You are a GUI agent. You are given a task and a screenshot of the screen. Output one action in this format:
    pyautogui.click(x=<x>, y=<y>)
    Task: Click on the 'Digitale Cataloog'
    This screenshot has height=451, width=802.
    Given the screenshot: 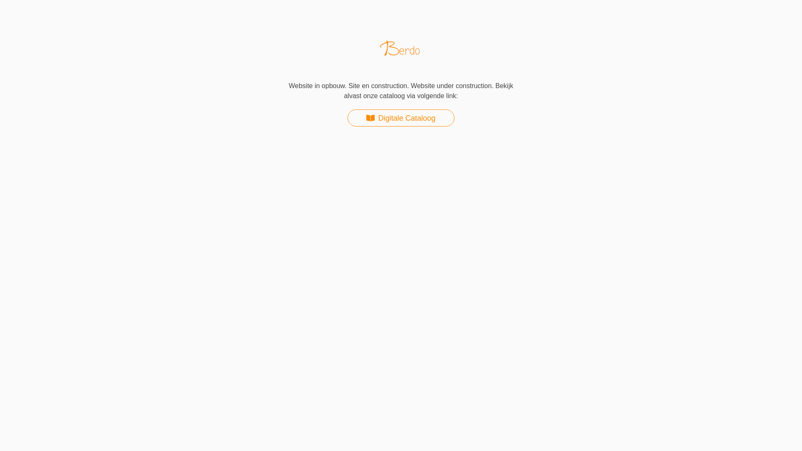 What is the action you would take?
    pyautogui.click(x=400, y=118)
    